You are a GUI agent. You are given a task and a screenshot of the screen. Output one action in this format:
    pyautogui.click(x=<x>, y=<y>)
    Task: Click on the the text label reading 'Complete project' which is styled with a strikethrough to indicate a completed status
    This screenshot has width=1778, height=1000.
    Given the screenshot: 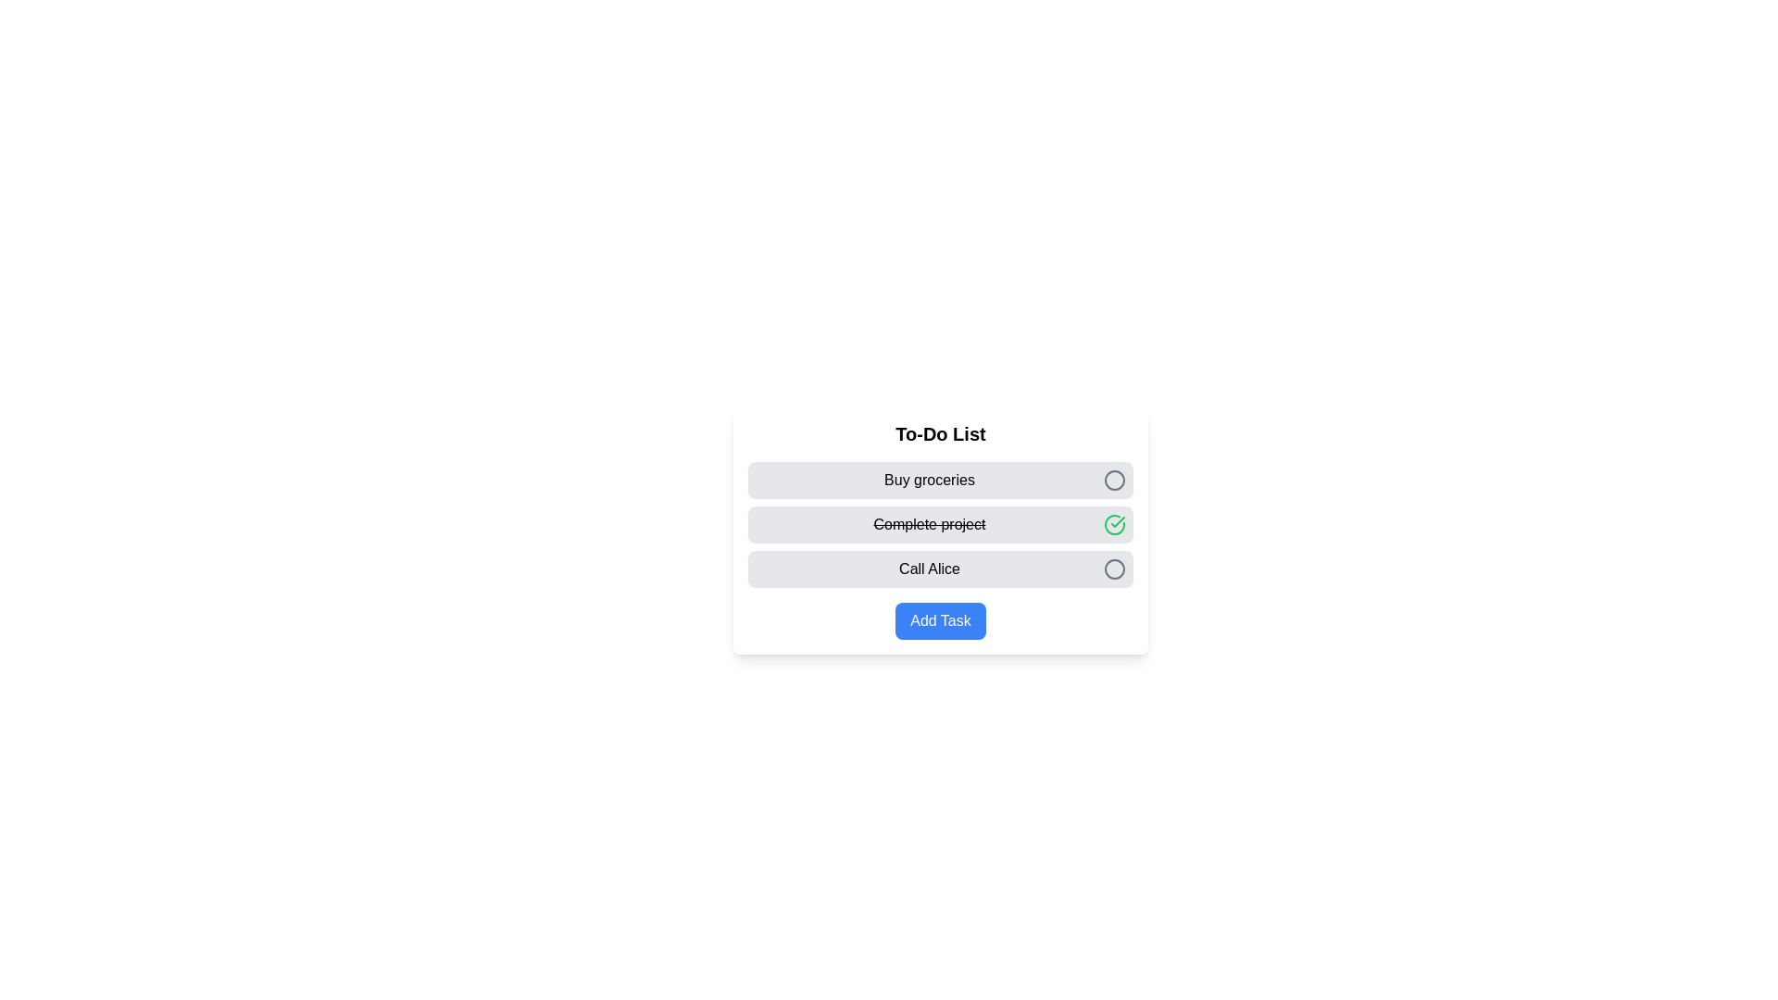 What is the action you would take?
    pyautogui.click(x=929, y=525)
    